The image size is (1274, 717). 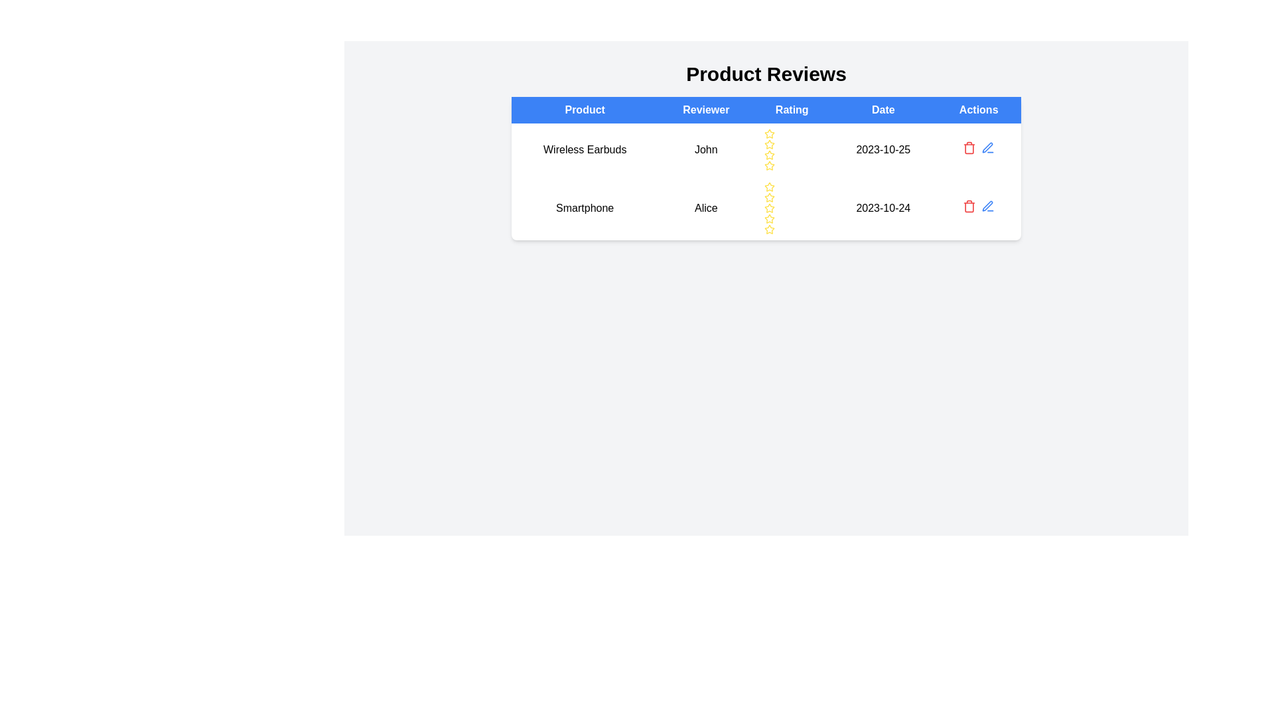 What do you see at coordinates (883, 109) in the screenshot?
I see `text label 'Date' in the fourth column of the product review table header, which is displayed in white on a blue background` at bounding box center [883, 109].